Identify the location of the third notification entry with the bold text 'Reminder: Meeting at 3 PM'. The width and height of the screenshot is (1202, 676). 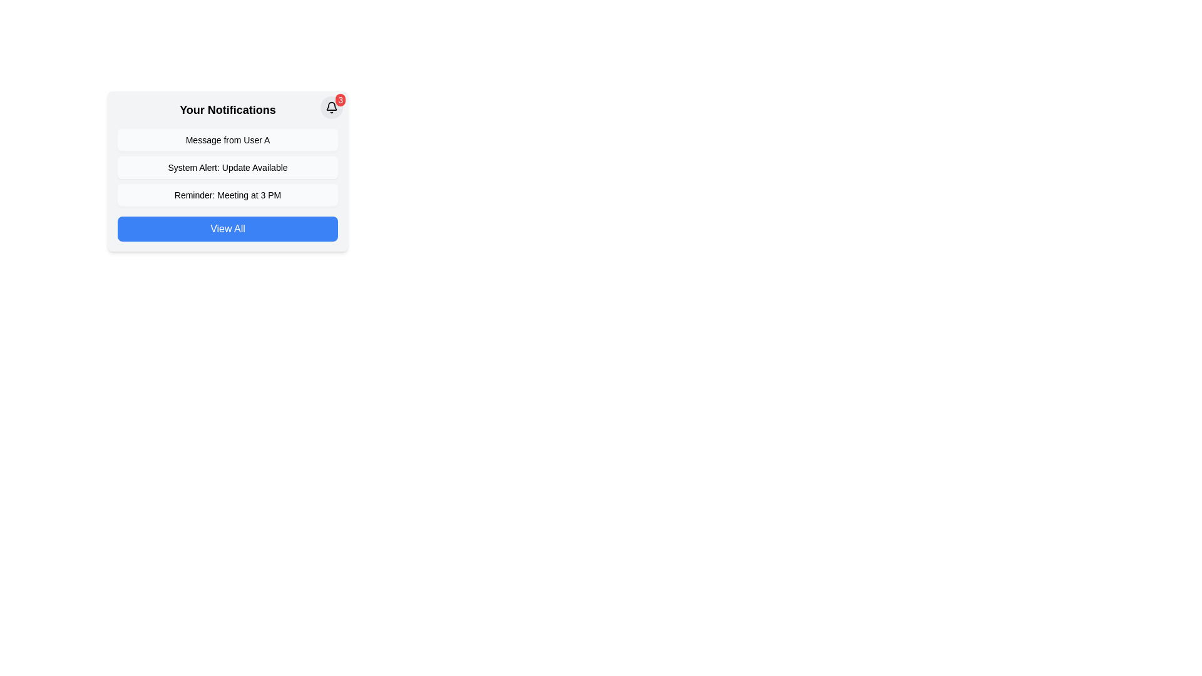
(228, 195).